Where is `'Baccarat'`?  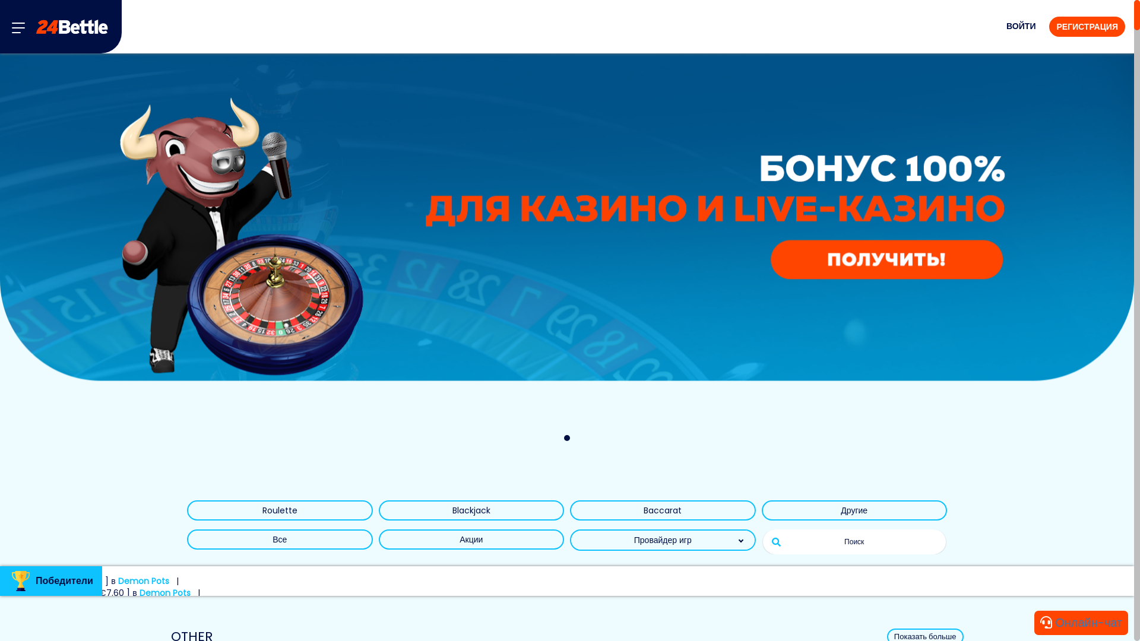 'Baccarat' is located at coordinates (662, 510).